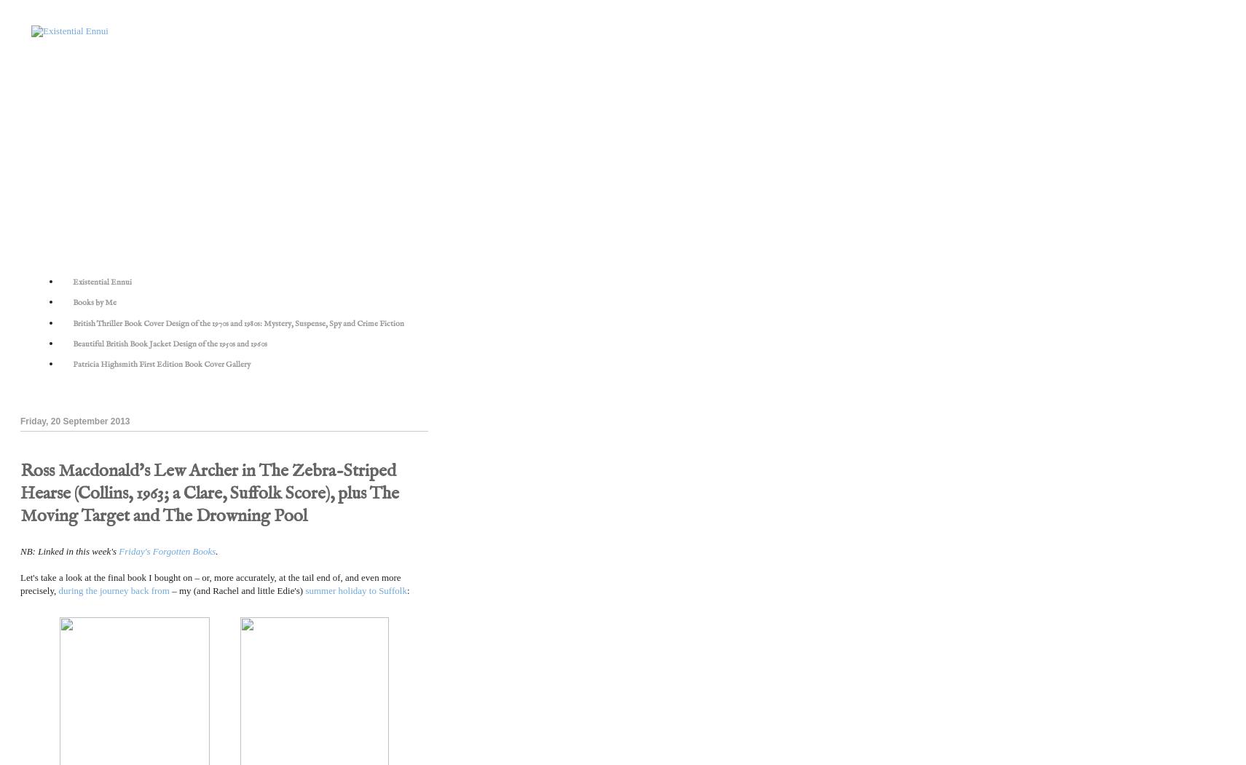 This screenshot has width=1246, height=765. Describe the element at coordinates (166, 550) in the screenshot. I see `'Friday's Forgotten Books'` at that location.